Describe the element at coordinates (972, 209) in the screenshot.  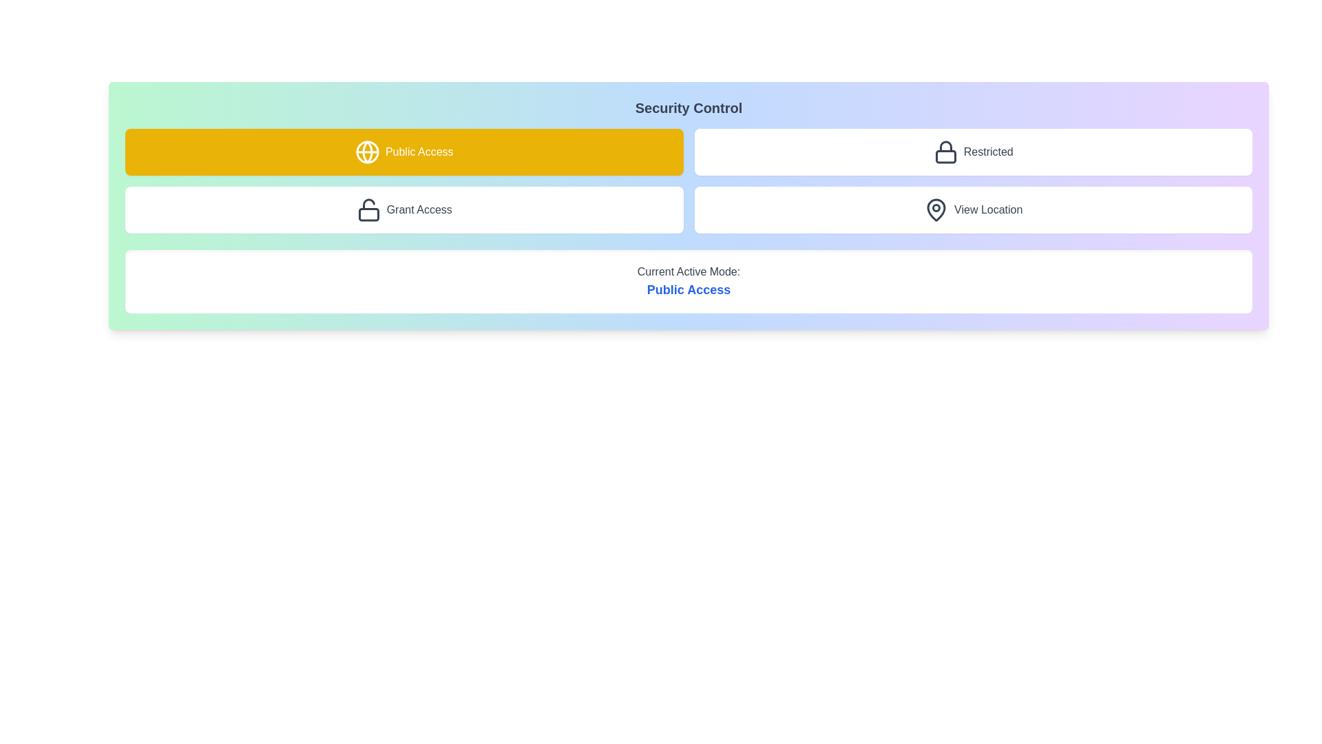
I see `the mode View Location by clicking on the corresponding button` at that location.